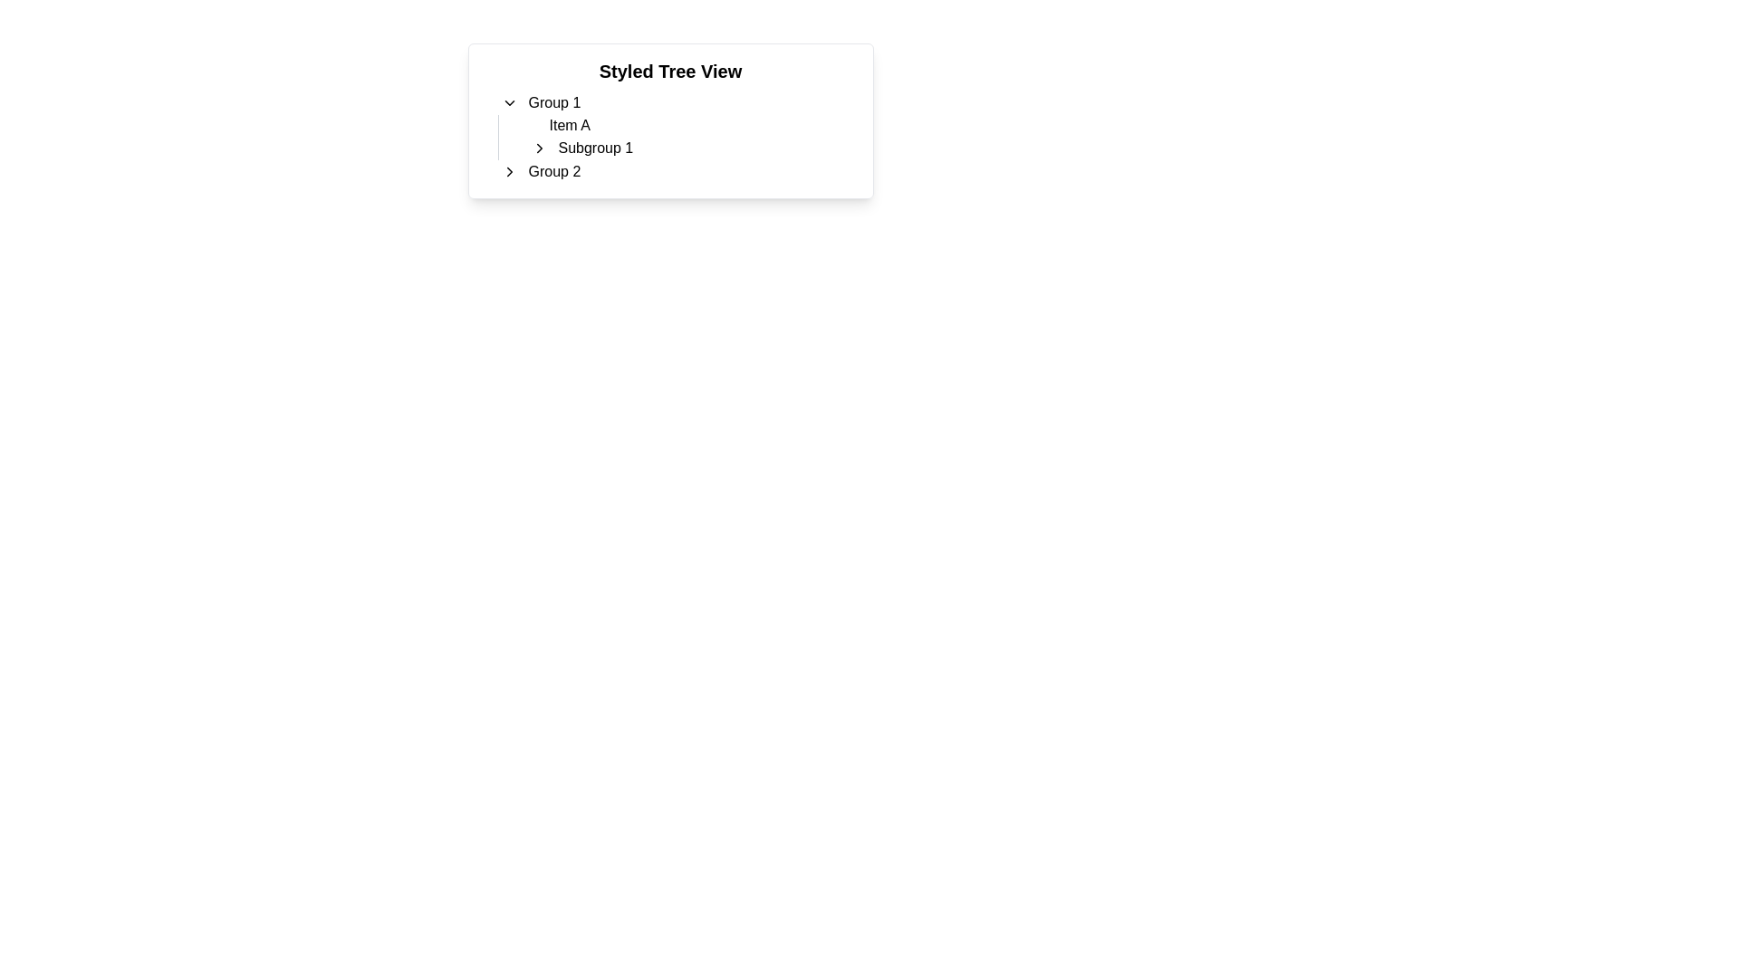  What do you see at coordinates (669, 124) in the screenshot?
I see `the first Tree Node in the hierarchical listing interface, which allows for expanding or collapsing its sub-elements` at bounding box center [669, 124].